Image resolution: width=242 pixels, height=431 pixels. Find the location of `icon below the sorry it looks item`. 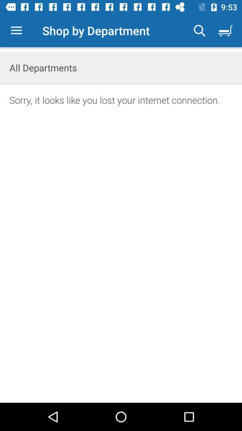

icon below the sorry it looks item is located at coordinates (121, 259).